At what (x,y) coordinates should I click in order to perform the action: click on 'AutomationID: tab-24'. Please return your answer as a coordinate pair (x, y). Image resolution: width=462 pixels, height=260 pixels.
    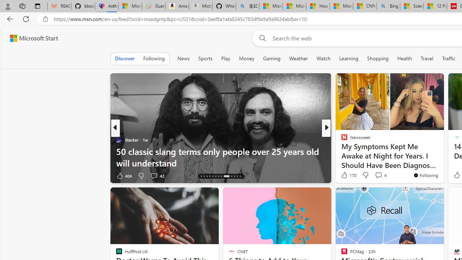
    Looking at the image, I should click on (234, 176).